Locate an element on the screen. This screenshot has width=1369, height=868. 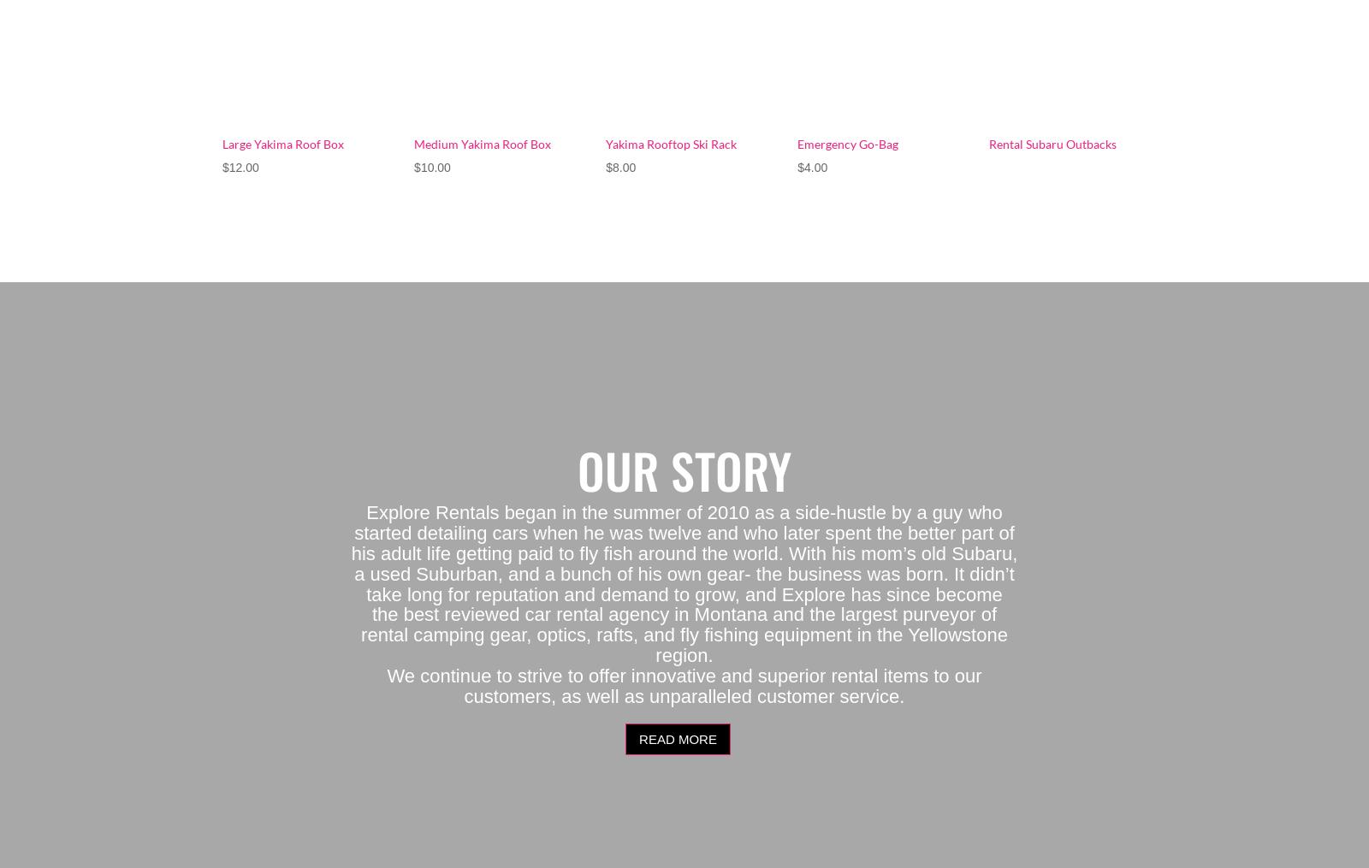
'10.00' is located at coordinates (434, 165).